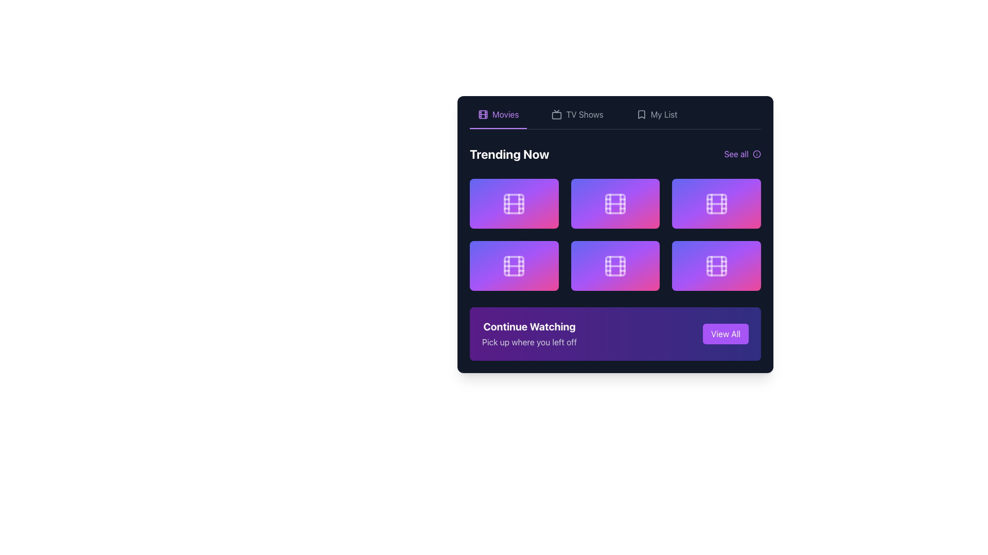 The image size is (988, 555). What do you see at coordinates (615, 203) in the screenshot?
I see `the image button representing a specific media item located in the second column of the first row within a grid layout` at bounding box center [615, 203].